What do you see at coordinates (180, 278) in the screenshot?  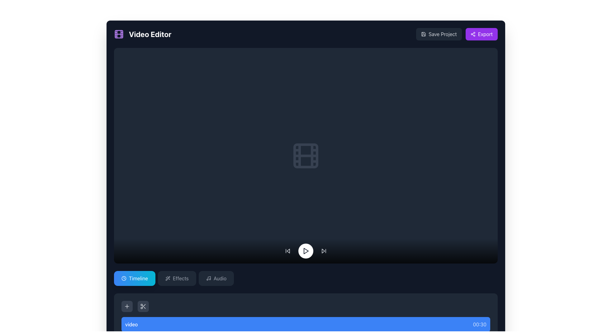 I see `the text label displaying 'Effects' located in the bottom control panel, positioned between 'Timeline' and 'Audio'` at bounding box center [180, 278].